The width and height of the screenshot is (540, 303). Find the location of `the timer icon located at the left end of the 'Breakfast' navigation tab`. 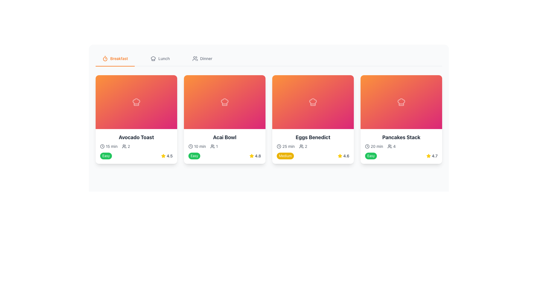

the timer icon located at the left end of the 'Breakfast' navigation tab is located at coordinates (105, 58).